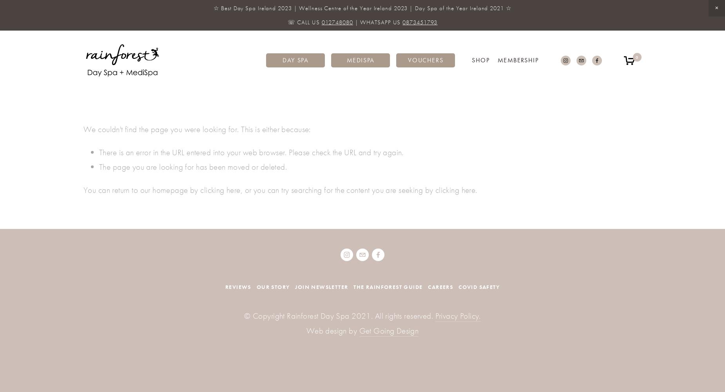 This screenshot has height=392, width=725. I want to click on 'Get Going Design', so click(388, 330).